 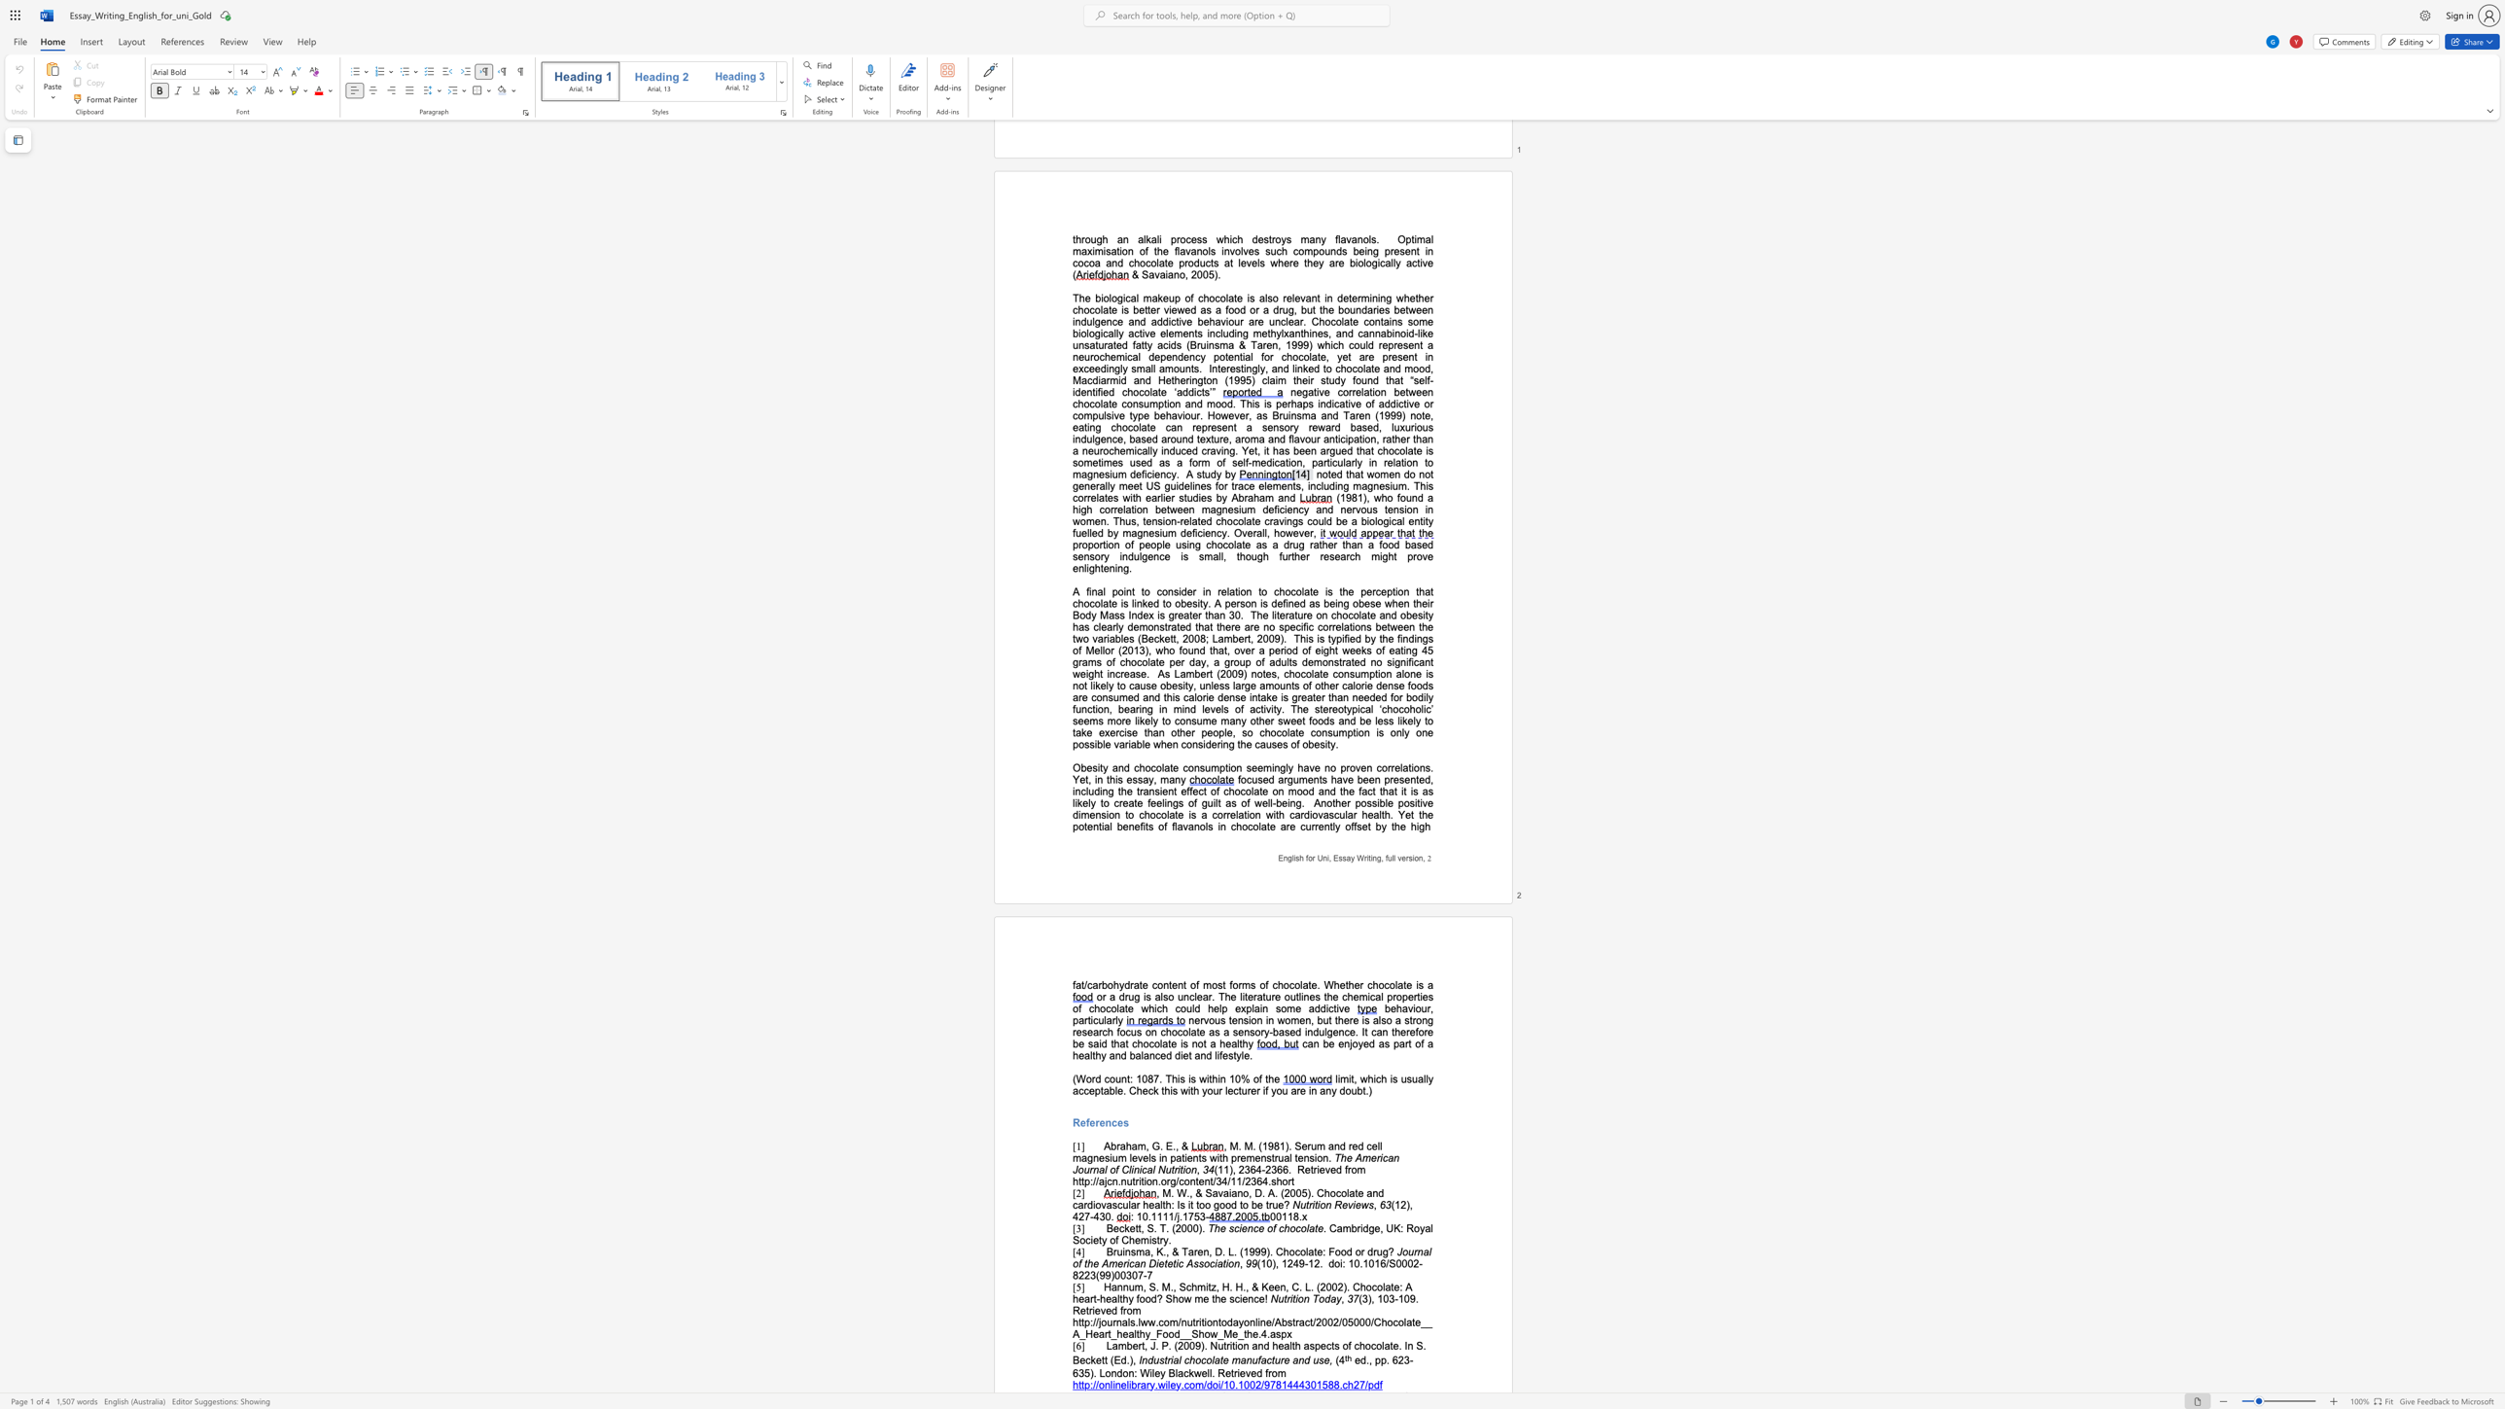 What do you see at coordinates (1238, 1297) in the screenshot?
I see `the subset text "ien" within the text "Hannum, S. M., Schmitz, H. H., & Keen, C. L. (2002). Chocolate: A heart-healthy food? Show me the science!"` at bounding box center [1238, 1297].